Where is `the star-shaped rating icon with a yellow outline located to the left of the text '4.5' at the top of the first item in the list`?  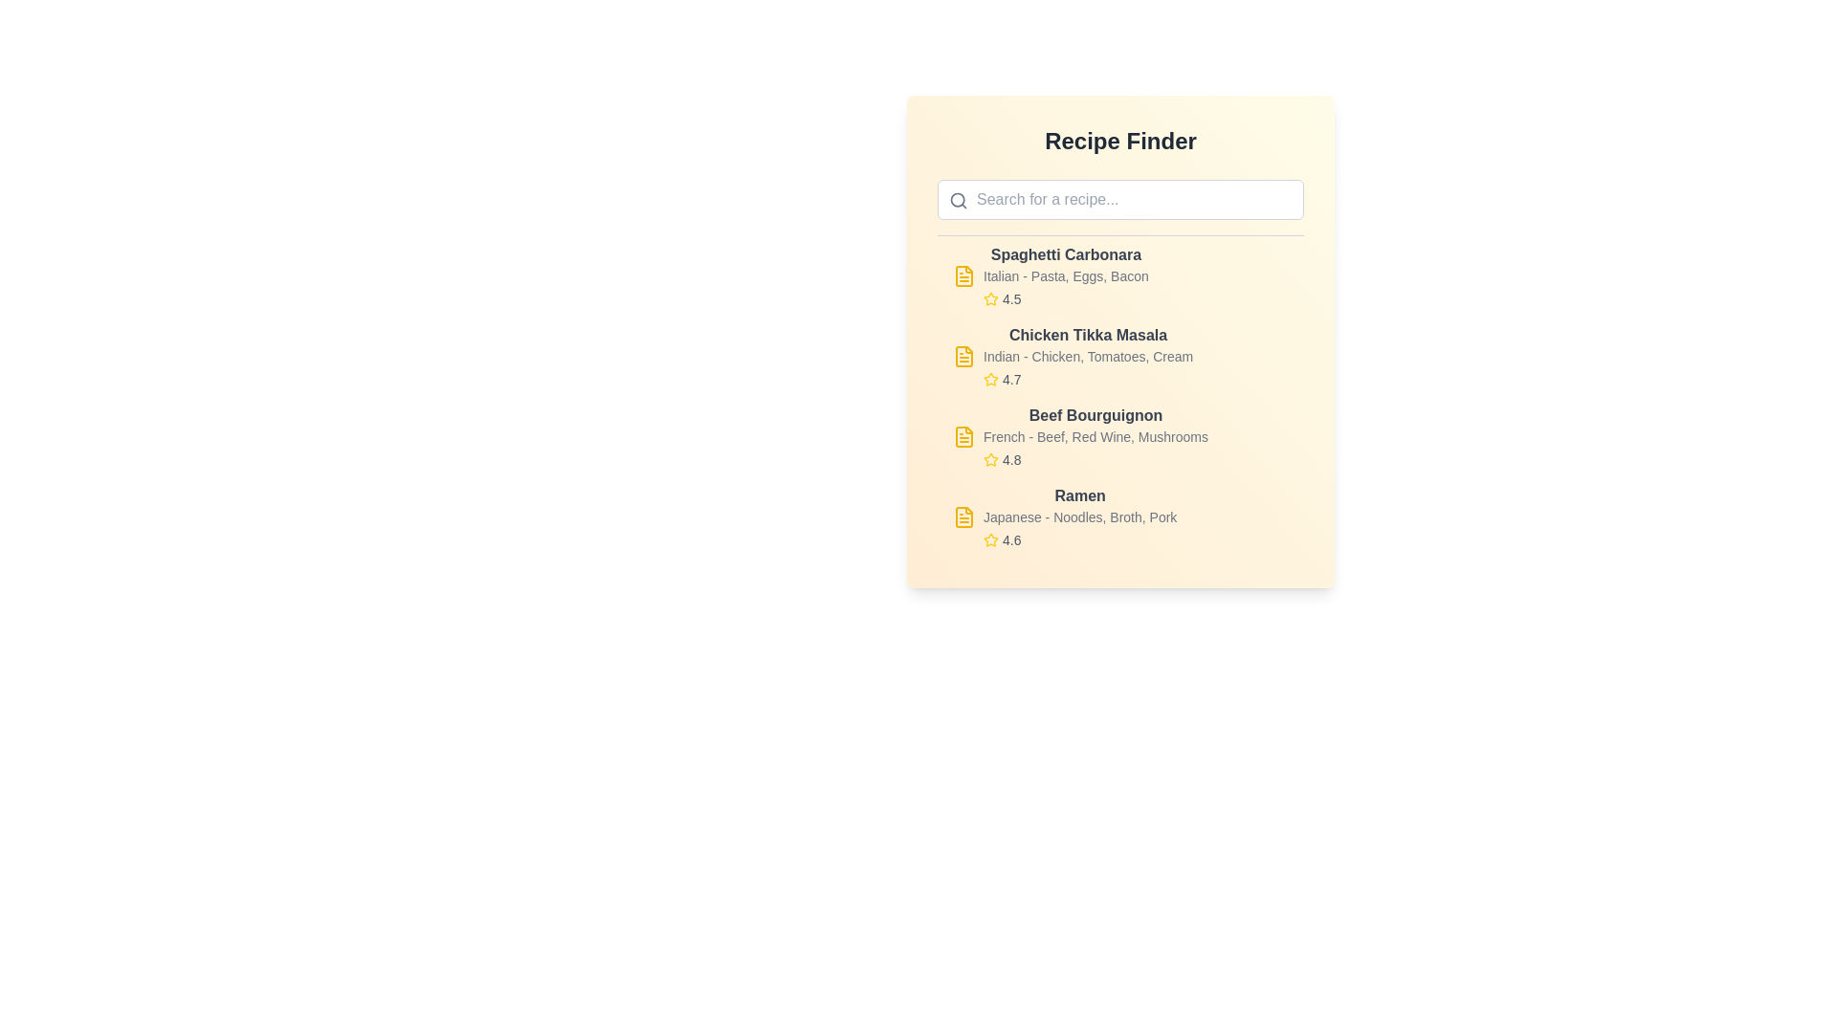
the star-shaped rating icon with a yellow outline located to the left of the text '4.5' at the top of the first item in the list is located at coordinates (991, 298).